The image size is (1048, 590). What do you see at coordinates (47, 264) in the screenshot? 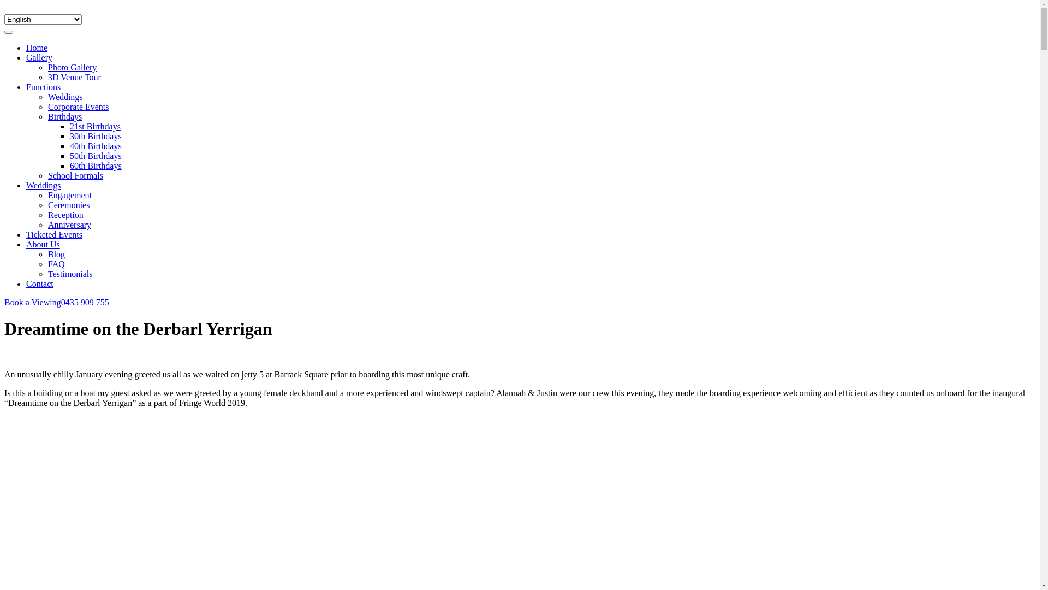
I see `'FAQ'` at bounding box center [47, 264].